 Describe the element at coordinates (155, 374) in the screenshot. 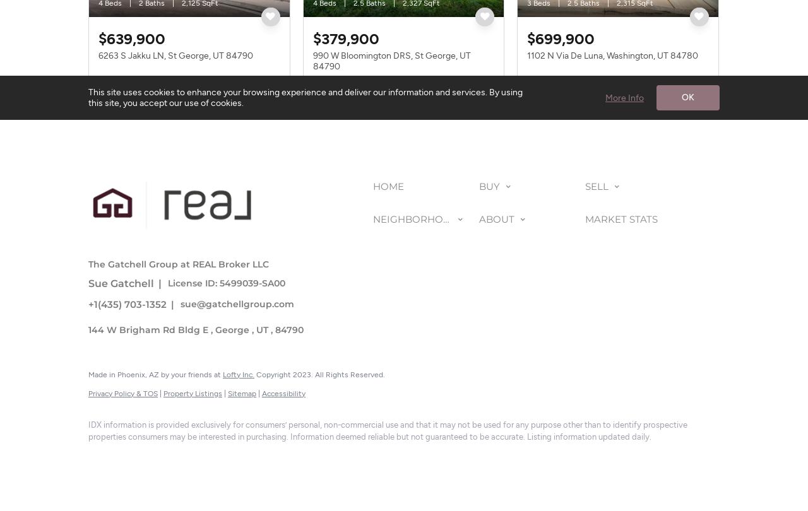

I see `'Made in Phoenix, AZ by your friends at'` at that location.